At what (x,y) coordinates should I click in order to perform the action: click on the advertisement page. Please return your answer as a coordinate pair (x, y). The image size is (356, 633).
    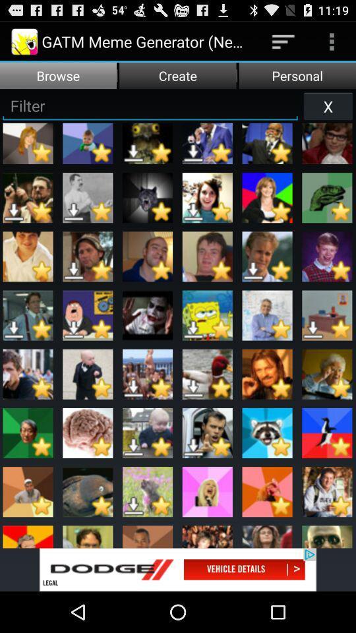
    Looking at the image, I should click on (178, 569).